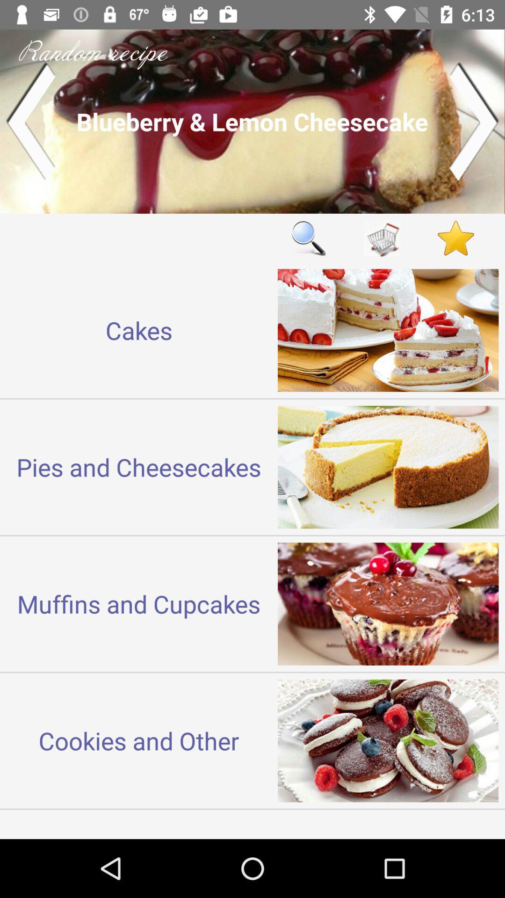 This screenshot has height=898, width=505. I want to click on the cookies and other item, so click(139, 740).